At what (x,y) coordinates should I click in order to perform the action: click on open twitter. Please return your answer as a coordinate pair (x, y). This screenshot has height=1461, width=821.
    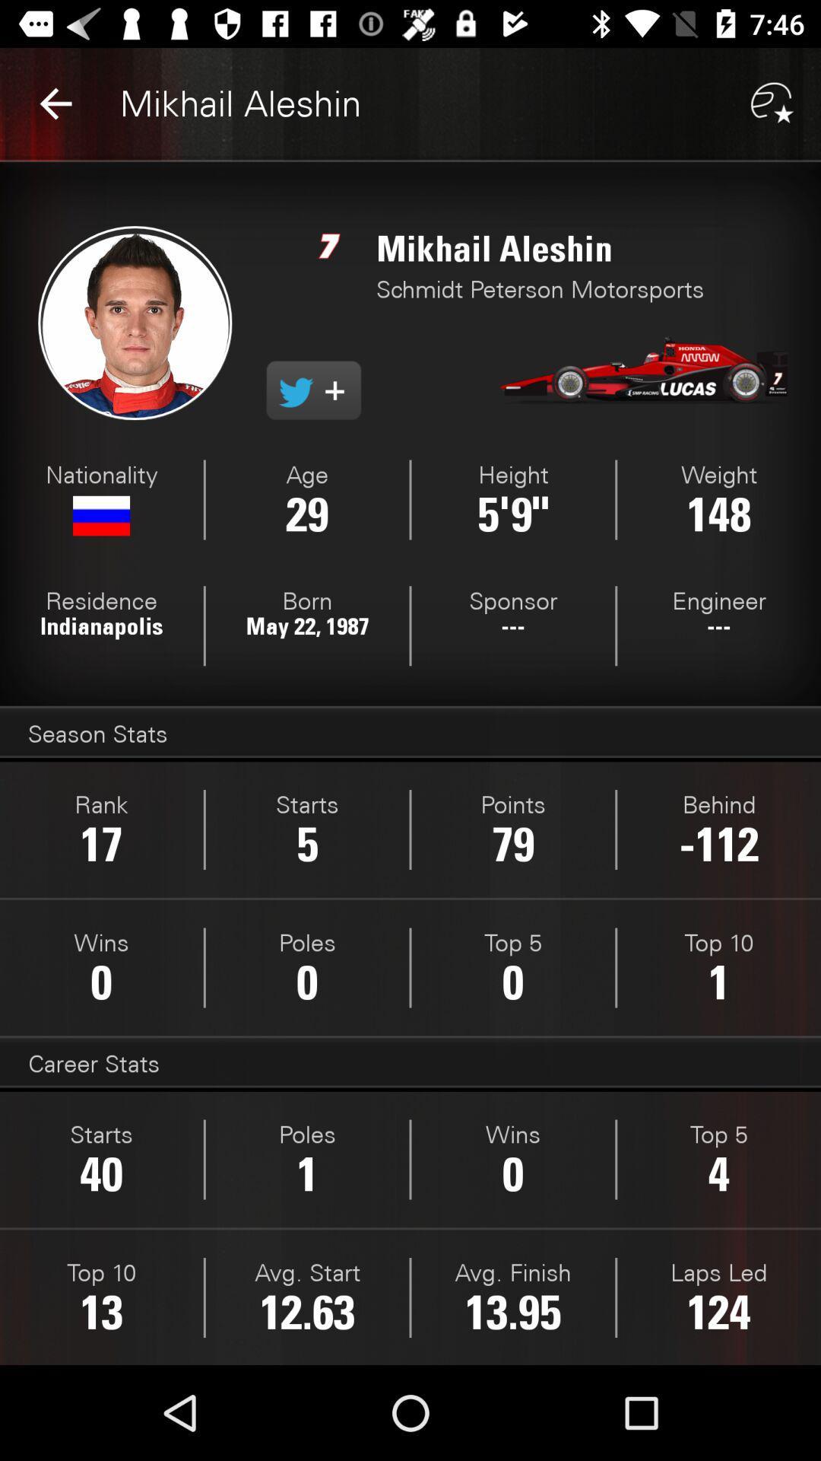
    Looking at the image, I should click on (312, 390).